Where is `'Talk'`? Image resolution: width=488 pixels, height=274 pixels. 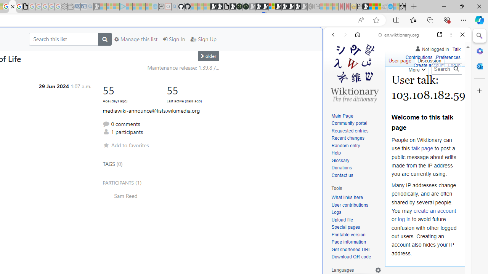
'Talk' is located at coordinates (456, 49).